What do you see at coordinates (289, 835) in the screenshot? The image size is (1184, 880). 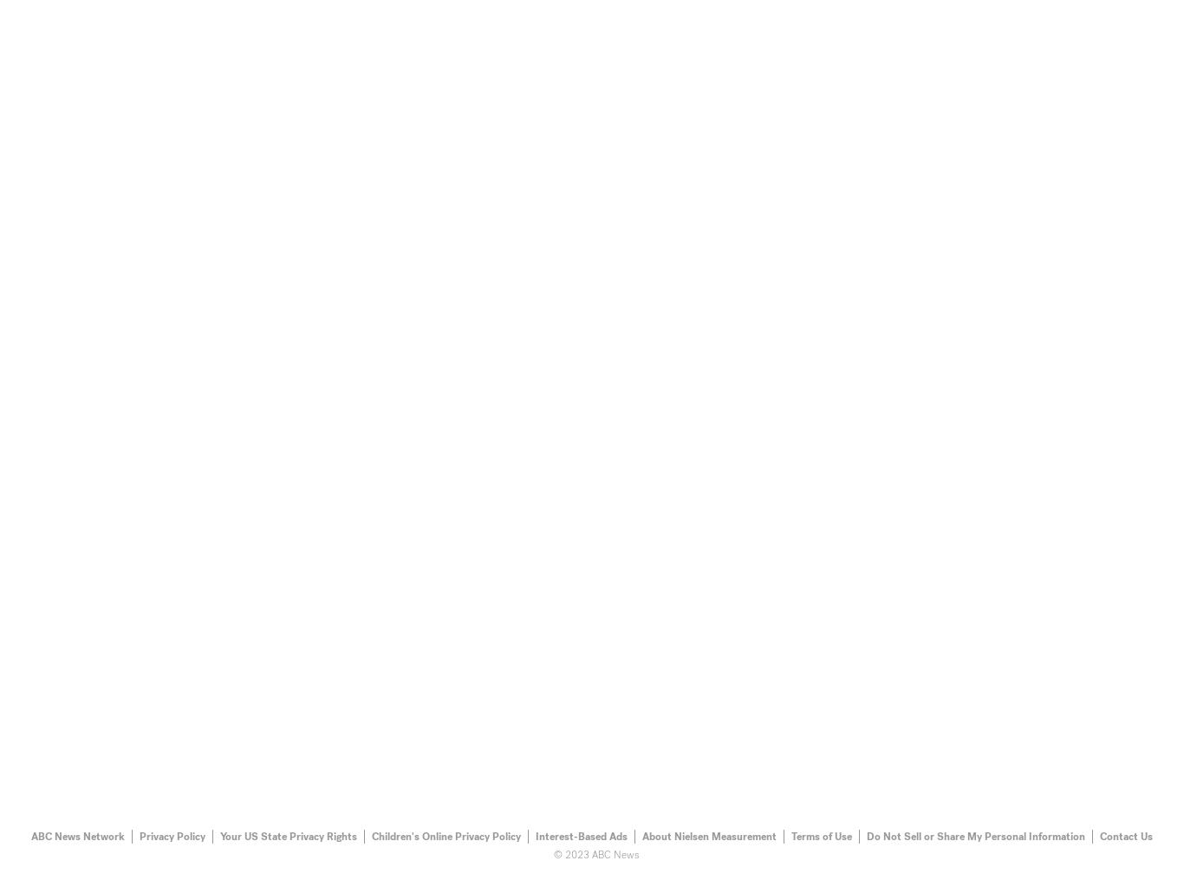 I see `'Your US State Privacy Rights'` at bounding box center [289, 835].